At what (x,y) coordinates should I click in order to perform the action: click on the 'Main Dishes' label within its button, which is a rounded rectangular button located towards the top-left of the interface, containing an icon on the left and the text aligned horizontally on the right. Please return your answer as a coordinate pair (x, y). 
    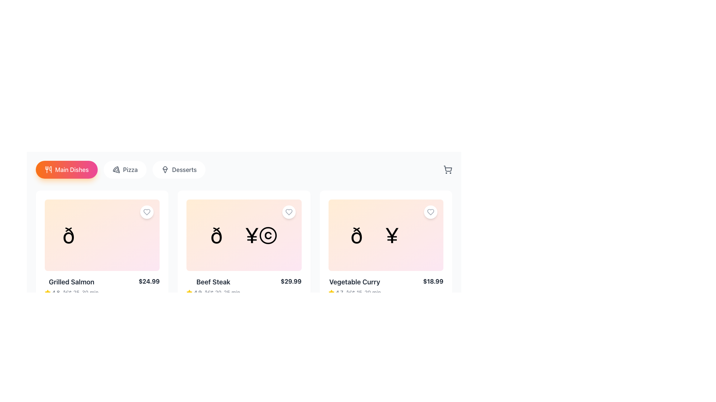
    Looking at the image, I should click on (72, 169).